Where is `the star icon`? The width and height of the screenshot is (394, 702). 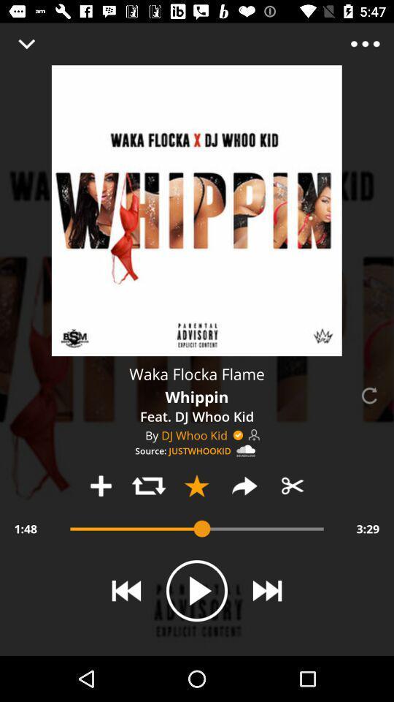 the star icon is located at coordinates (196, 486).